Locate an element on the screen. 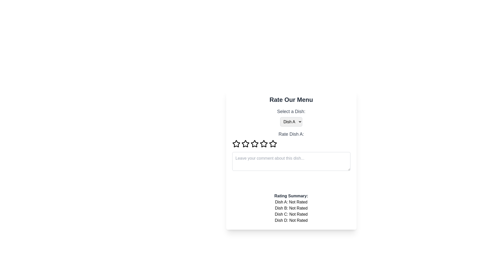 This screenshot has width=489, height=275. the first star icon in the rating system to assign a score of one point, which is located beneath the header 'Rate Dish A:' and above the comment input field is located at coordinates (236, 144).